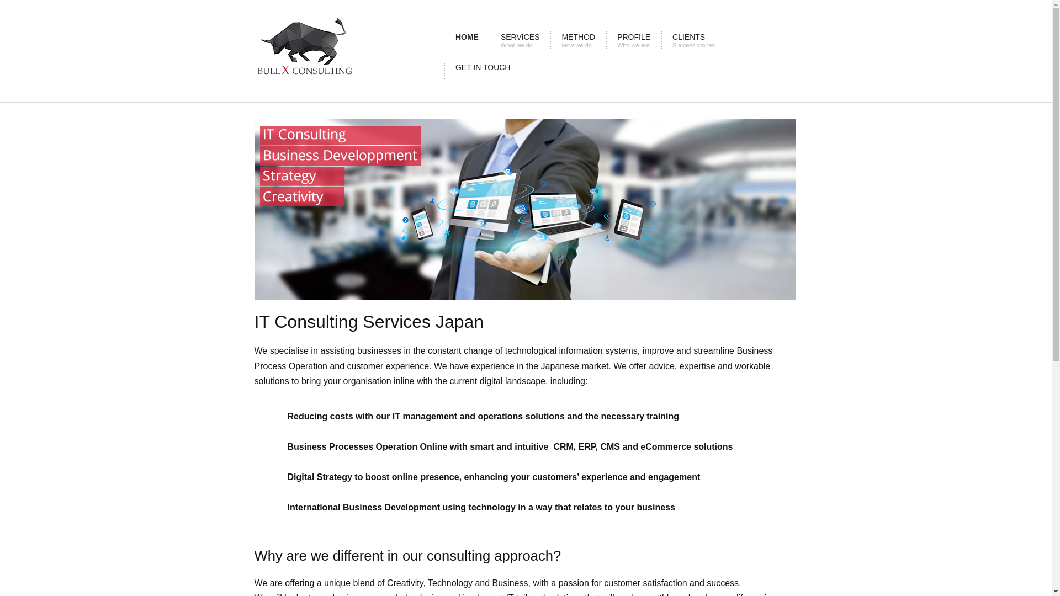  What do you see at coordinates (661, 39) in the screenshot?
I see `'CLIENTS` at bounding box center [661, 39].